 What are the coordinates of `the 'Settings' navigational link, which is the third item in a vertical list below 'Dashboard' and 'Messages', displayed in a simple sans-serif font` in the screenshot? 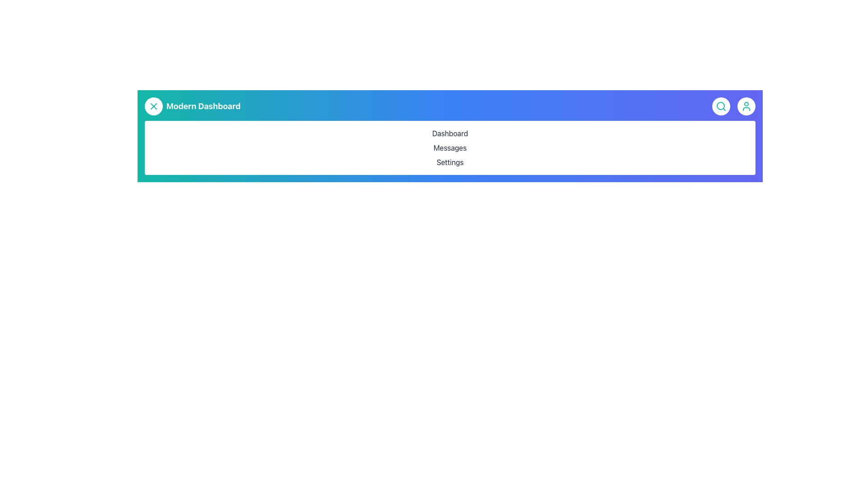 It's located at (450, 161).